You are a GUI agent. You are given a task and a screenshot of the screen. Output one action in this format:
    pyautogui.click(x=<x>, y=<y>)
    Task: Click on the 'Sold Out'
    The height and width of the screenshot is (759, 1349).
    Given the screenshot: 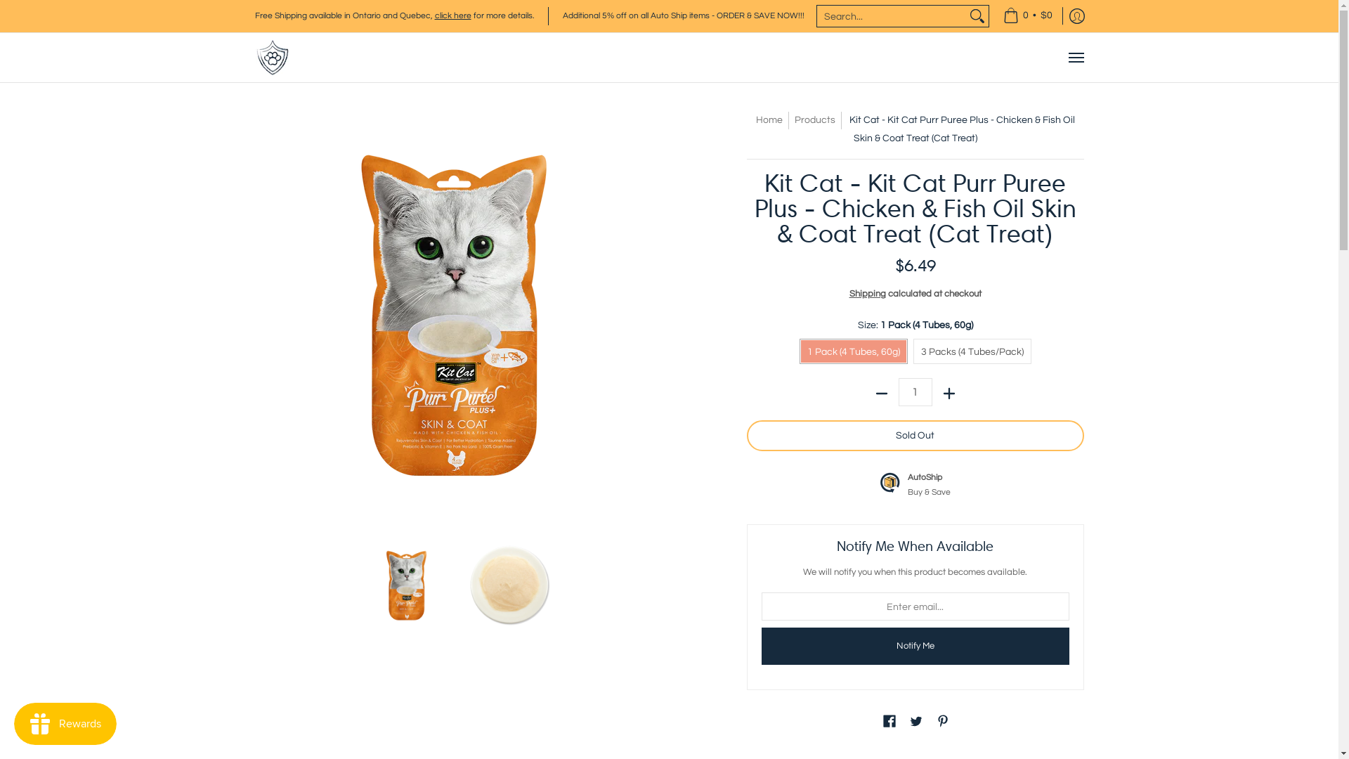 What is the action you would take?
    pyautogui.click(x=915, y=435)
    